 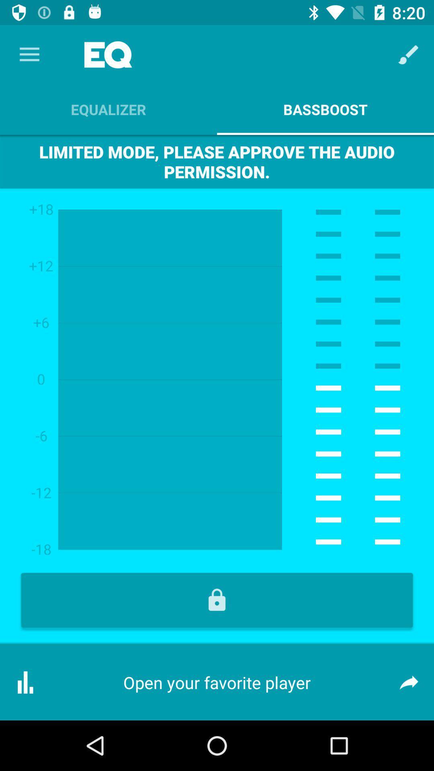 I want to click on paint icon at the top, so click(x=409, y=55).